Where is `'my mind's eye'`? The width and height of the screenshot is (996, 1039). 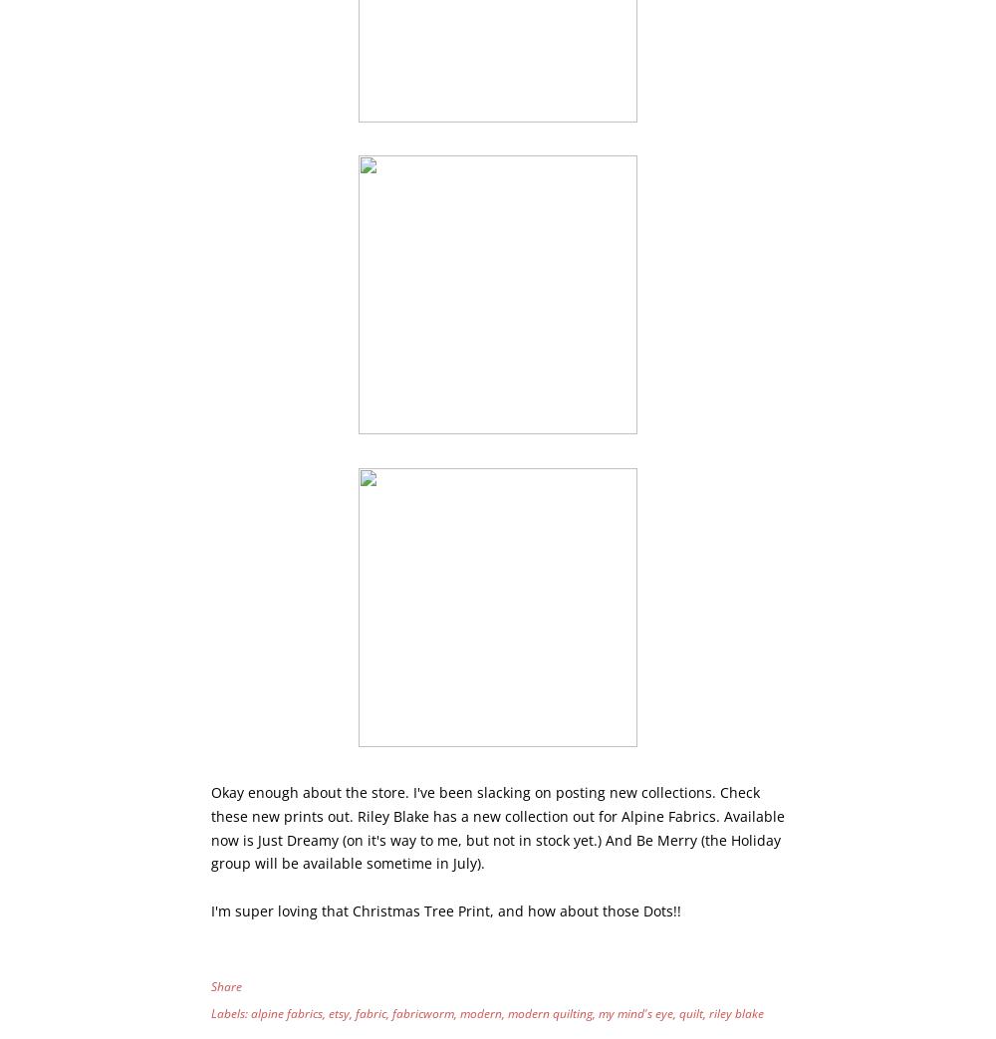 'my mind's eye' is located at coordinates (598, 1013).